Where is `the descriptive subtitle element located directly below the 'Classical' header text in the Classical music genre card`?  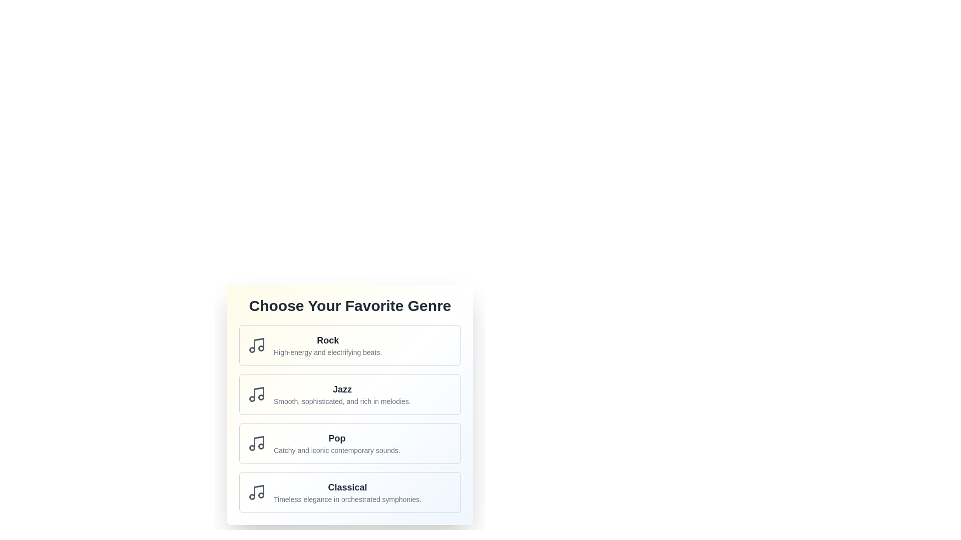
the descriptive subtitle element located directly below the 'Classical' header text in the Classical music genre card is located at coordinates (347, 499).